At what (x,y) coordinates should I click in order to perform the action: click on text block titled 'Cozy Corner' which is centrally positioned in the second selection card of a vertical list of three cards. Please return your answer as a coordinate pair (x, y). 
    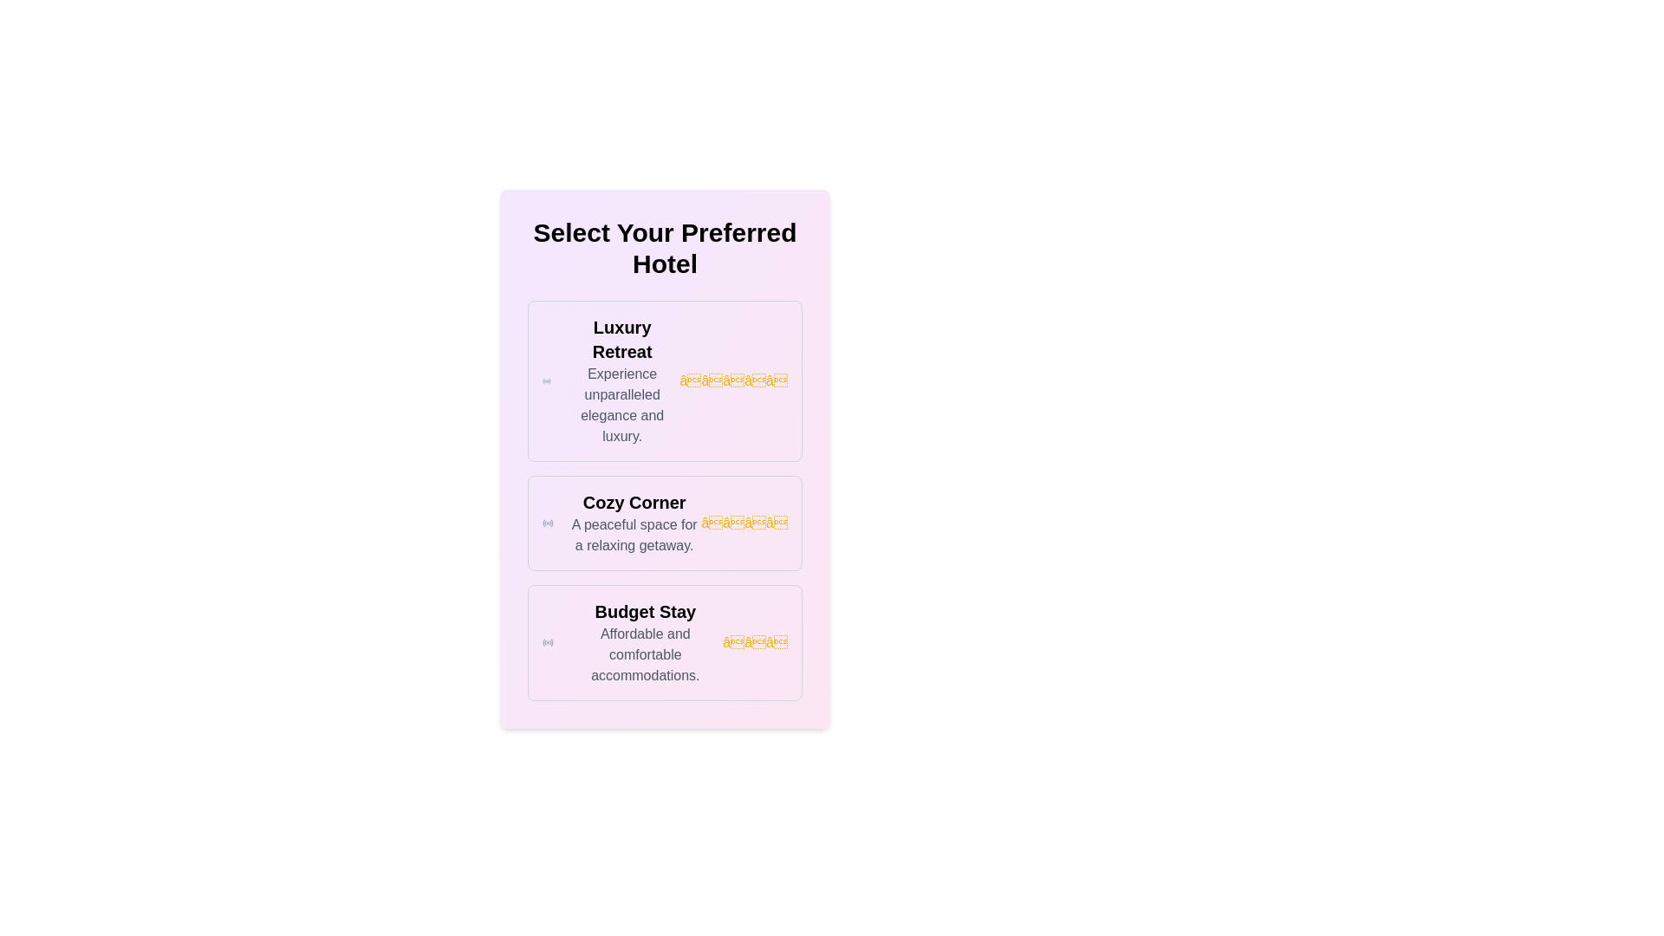
    Looking at the image, I should click on (634, 523).